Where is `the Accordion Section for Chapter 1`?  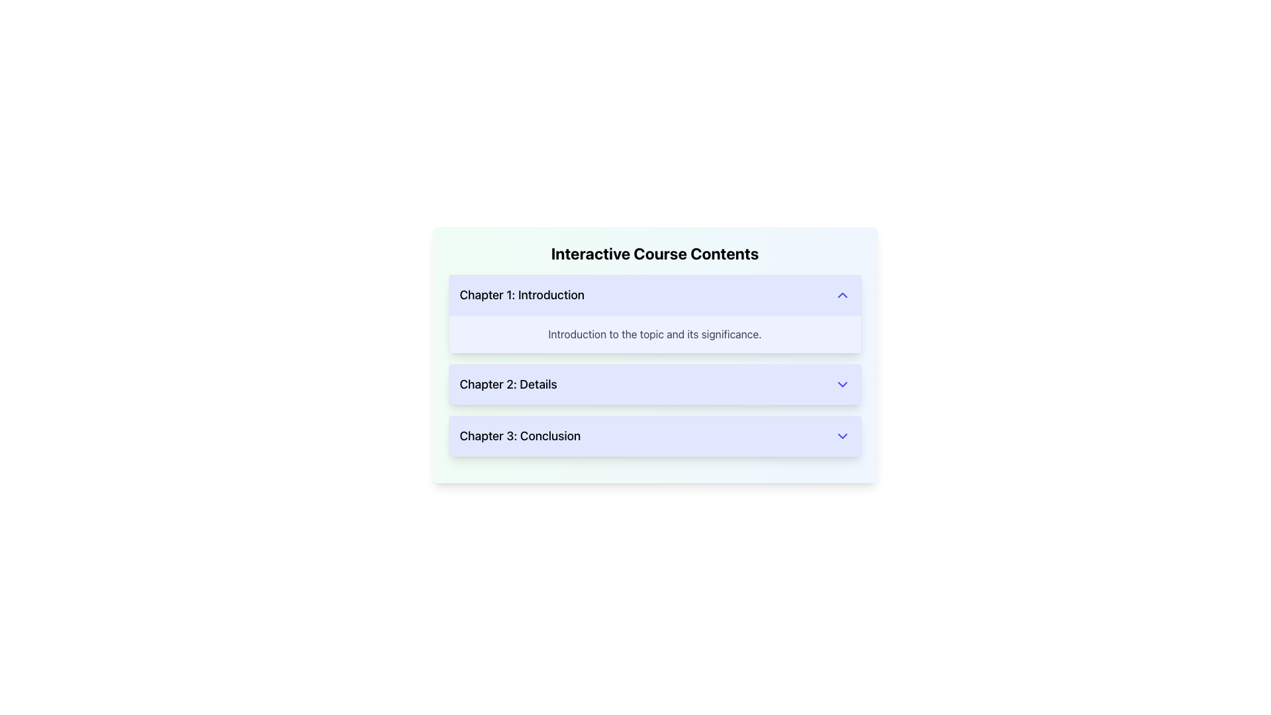 the Accordion Section for Chapter 1 is located at coordinates (655, 314).